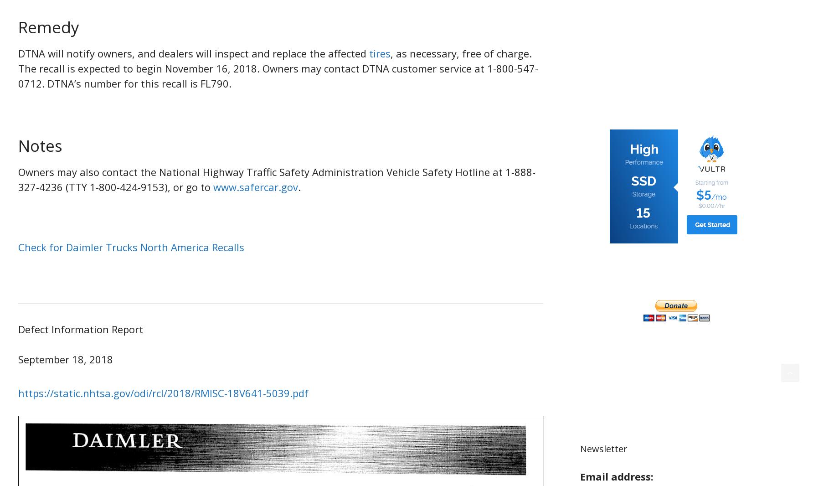  I want to click on 'Defect Information Report', so click(80, 329).